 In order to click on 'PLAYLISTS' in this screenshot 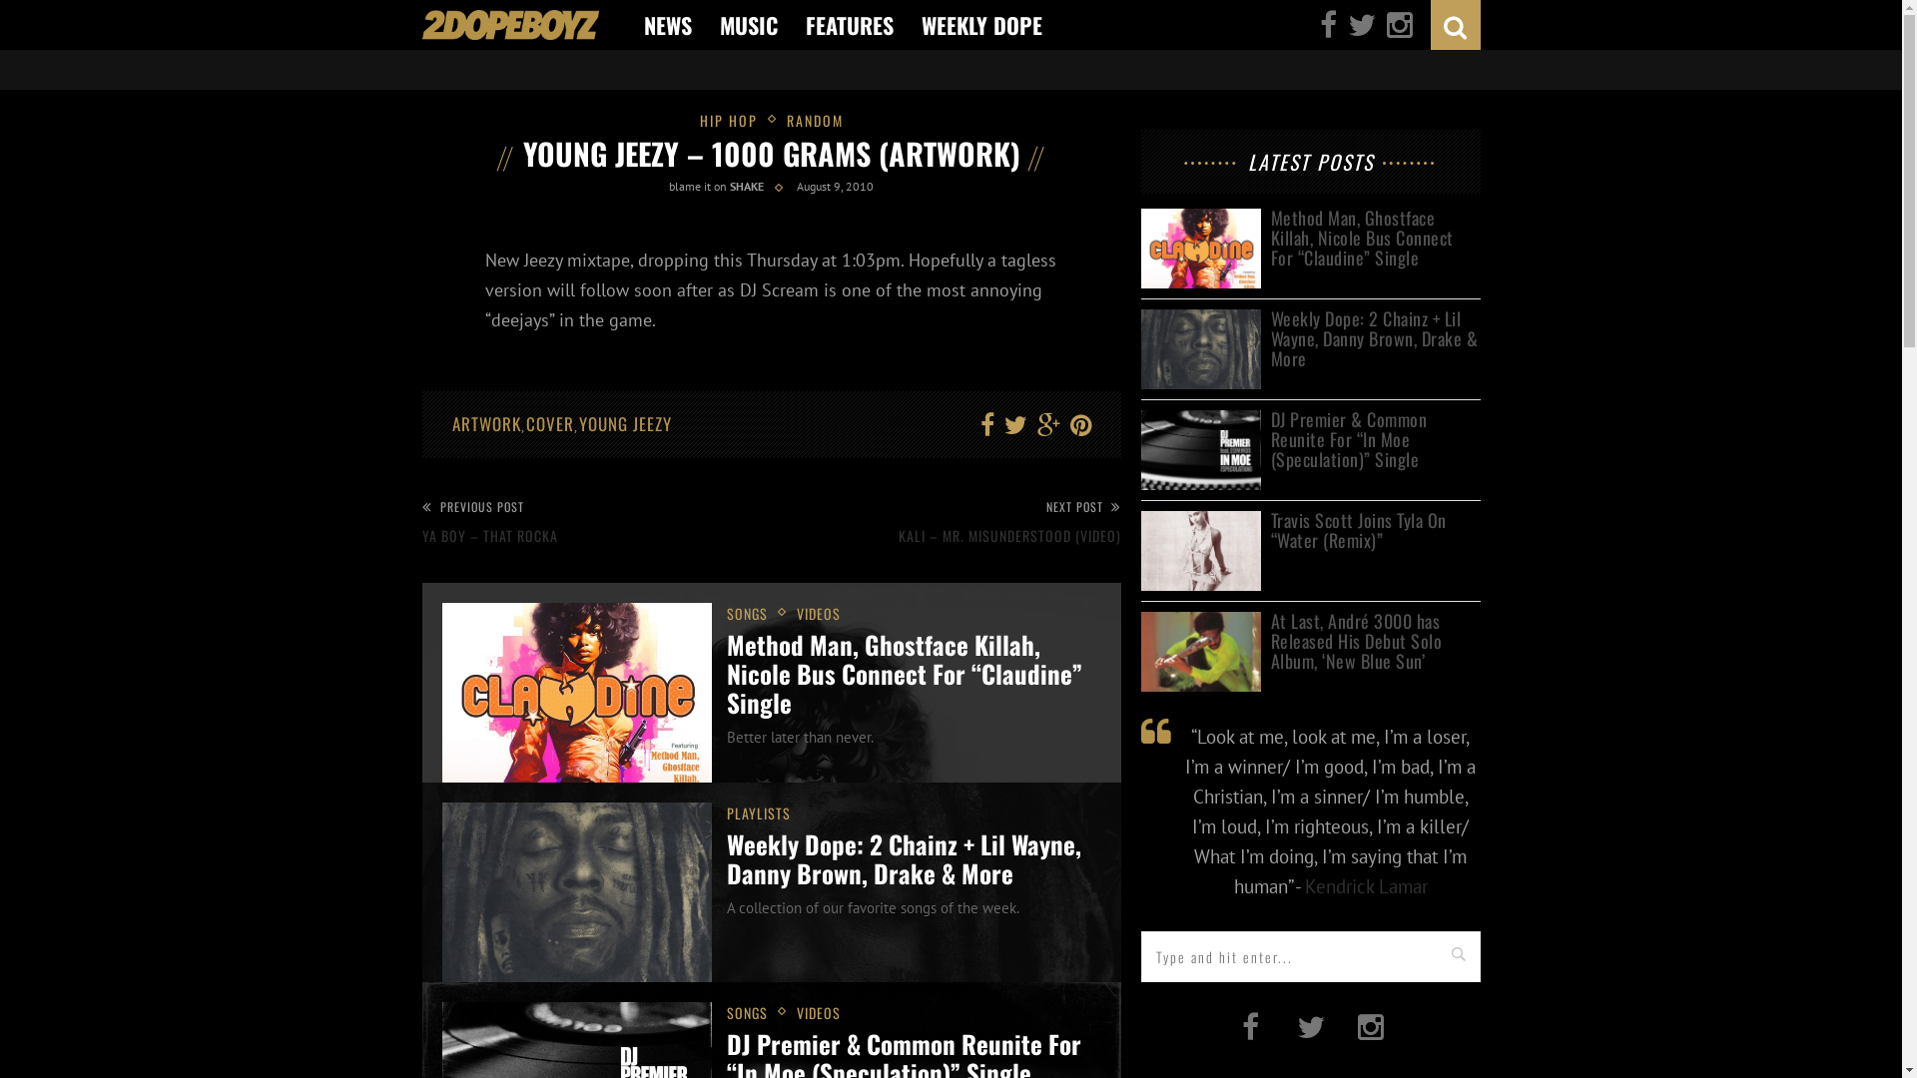, I will do `click(757, 812)`.